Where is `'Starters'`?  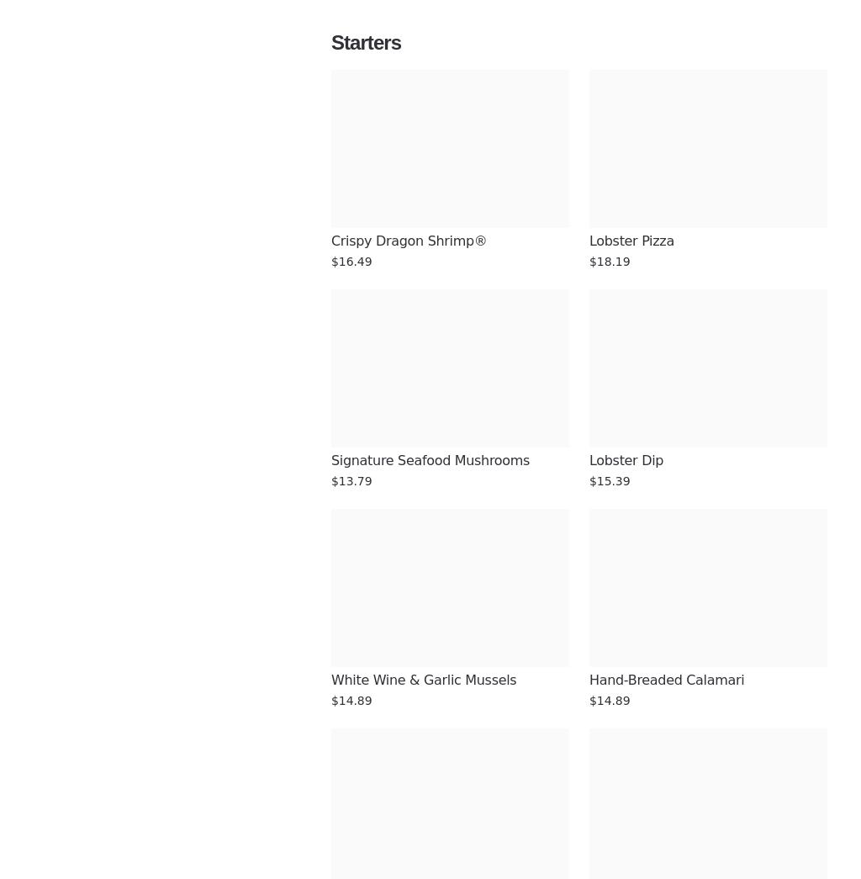 'Starters' is located at coordinates (366, 41).